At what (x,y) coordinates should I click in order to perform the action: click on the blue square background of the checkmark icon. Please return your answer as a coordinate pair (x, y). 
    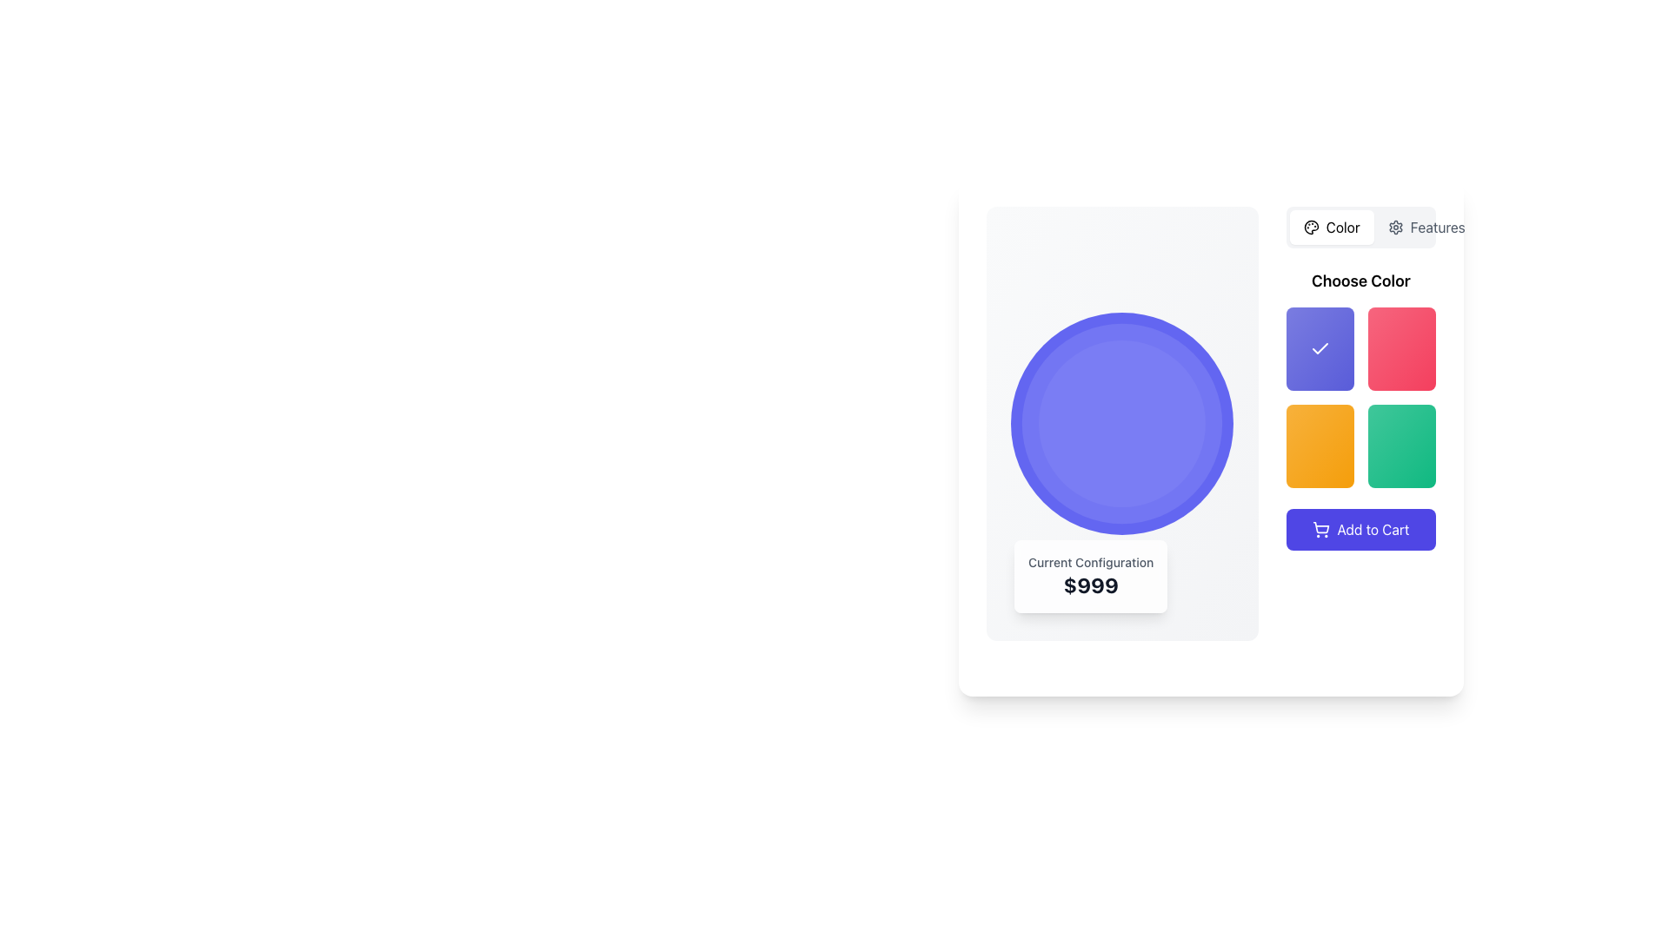
    Looking at the image, I should click on (1320, 348).